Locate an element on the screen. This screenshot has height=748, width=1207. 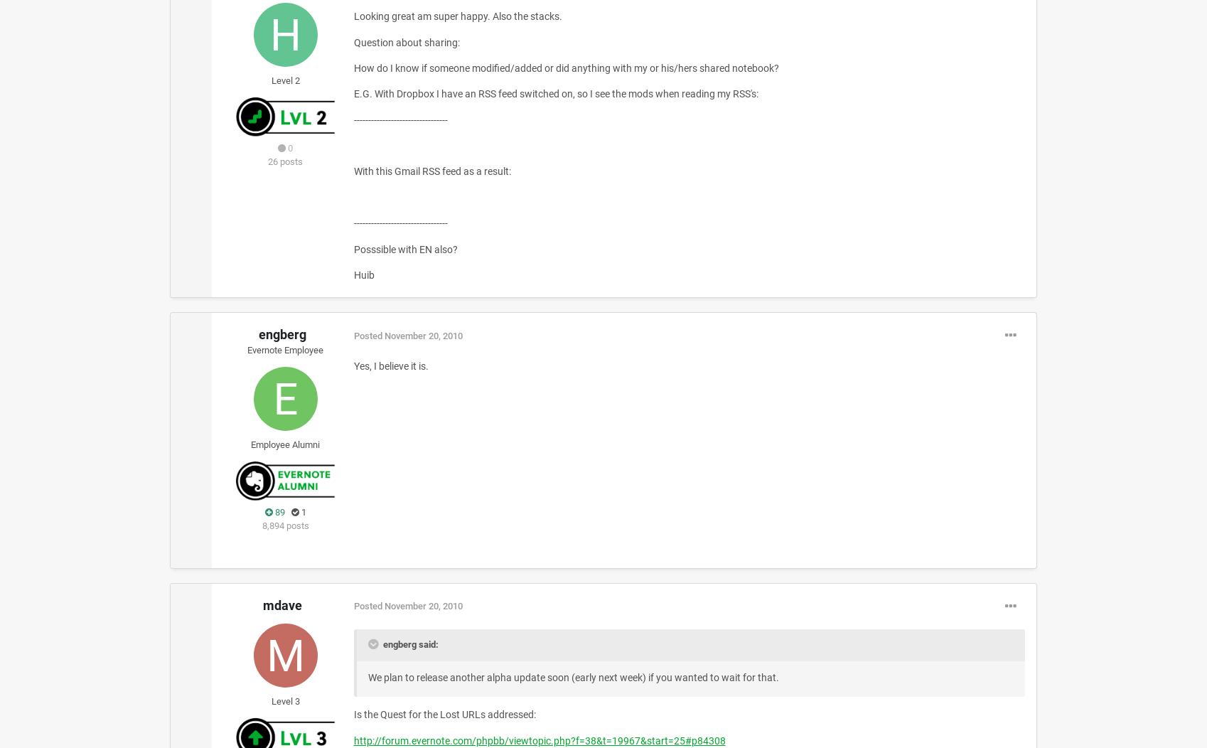
'8,894 posts' is located at coordinates (285, 525).